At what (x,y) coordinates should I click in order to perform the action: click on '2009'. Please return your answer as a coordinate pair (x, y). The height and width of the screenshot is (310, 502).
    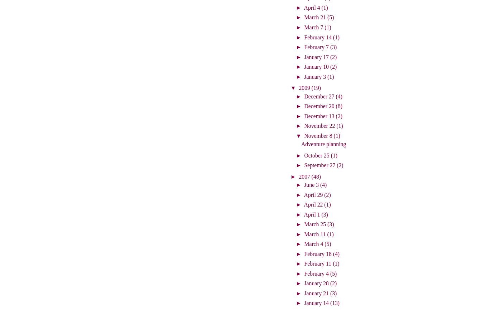
    Looking at the image, I should click on (299, 87).